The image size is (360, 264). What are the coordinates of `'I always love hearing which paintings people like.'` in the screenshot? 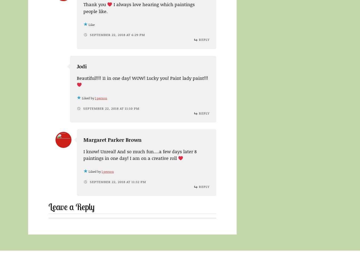 It's located at (139, 7).